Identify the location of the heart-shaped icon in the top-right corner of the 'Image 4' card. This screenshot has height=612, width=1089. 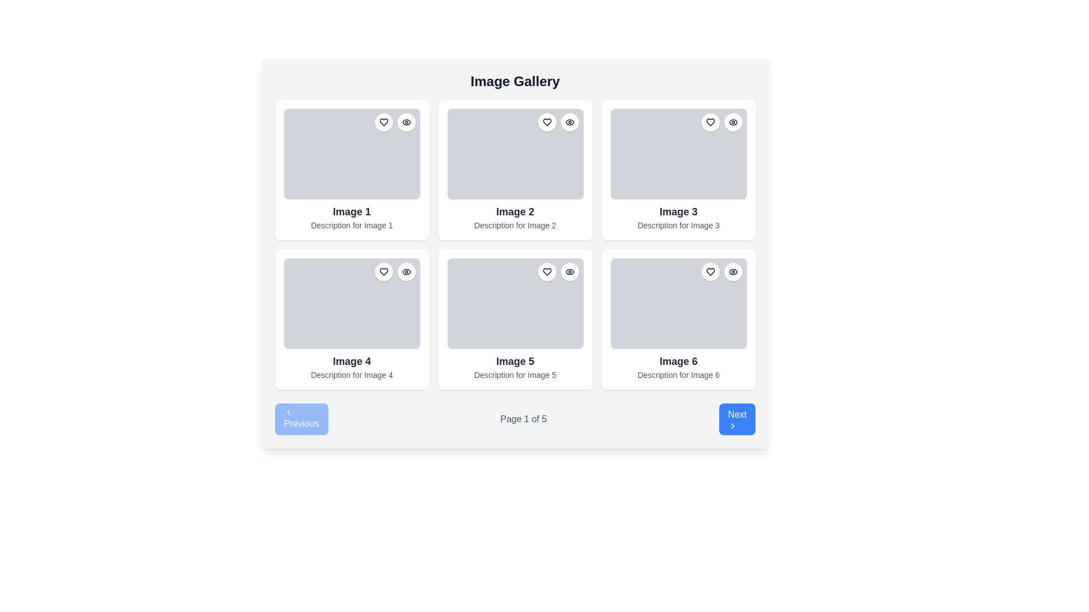
(383, 271).